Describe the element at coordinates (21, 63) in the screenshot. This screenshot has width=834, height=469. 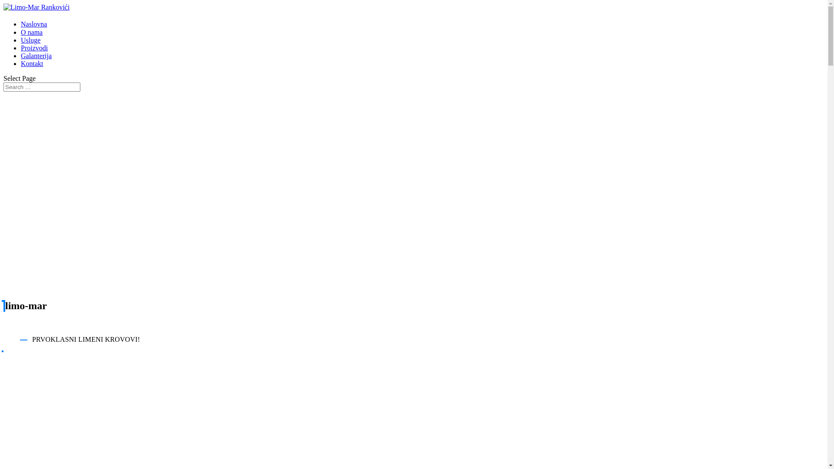
I see `'Kontakt'` at that location.